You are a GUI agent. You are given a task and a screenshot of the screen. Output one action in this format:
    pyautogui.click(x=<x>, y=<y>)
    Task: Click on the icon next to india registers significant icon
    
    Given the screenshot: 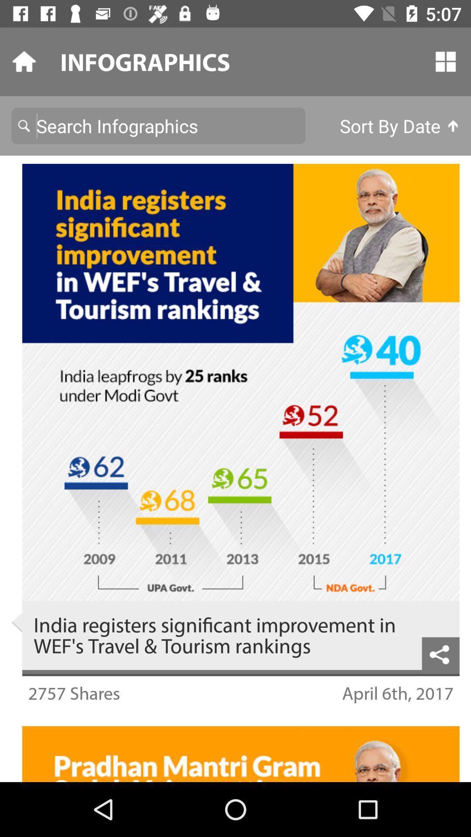 What is the action you would take?
    pyautogui.click(x=440, y=653)
    